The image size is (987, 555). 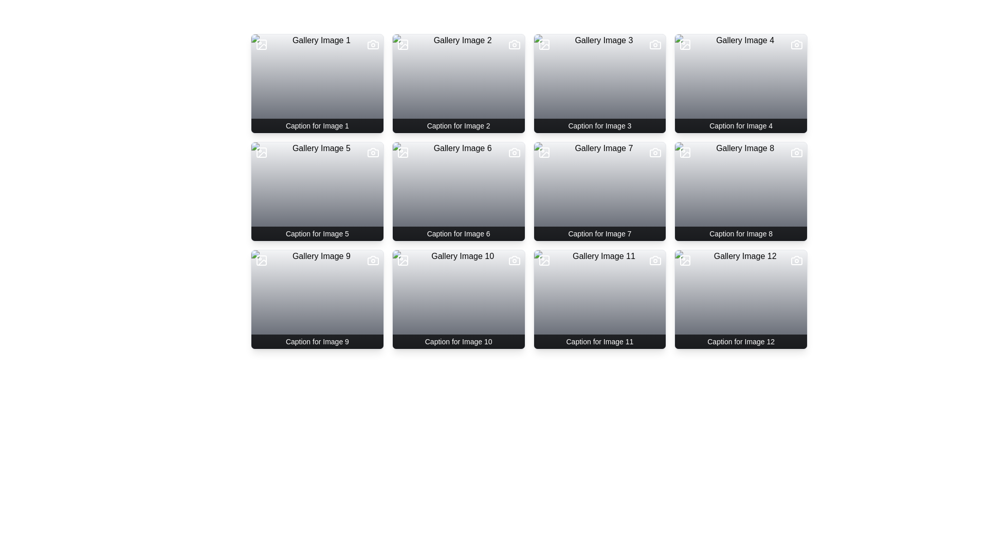 What do you see at coordinates (514, 260) in the screenshot?
I see `the camera icon located in the top-right corner of the tenth gallery image card to interact with it` at bounding box center [514, 260].